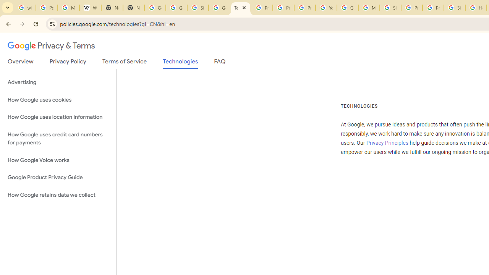 This screenshot has height=275, width=489. I want to click on 'Manage your Location History - Google Search Help', so click(68, 8).